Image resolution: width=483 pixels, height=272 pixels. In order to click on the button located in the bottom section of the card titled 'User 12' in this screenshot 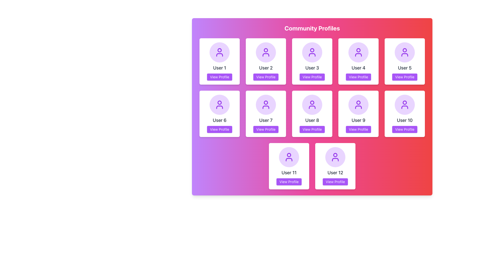, I will do `click(335, 182)`.